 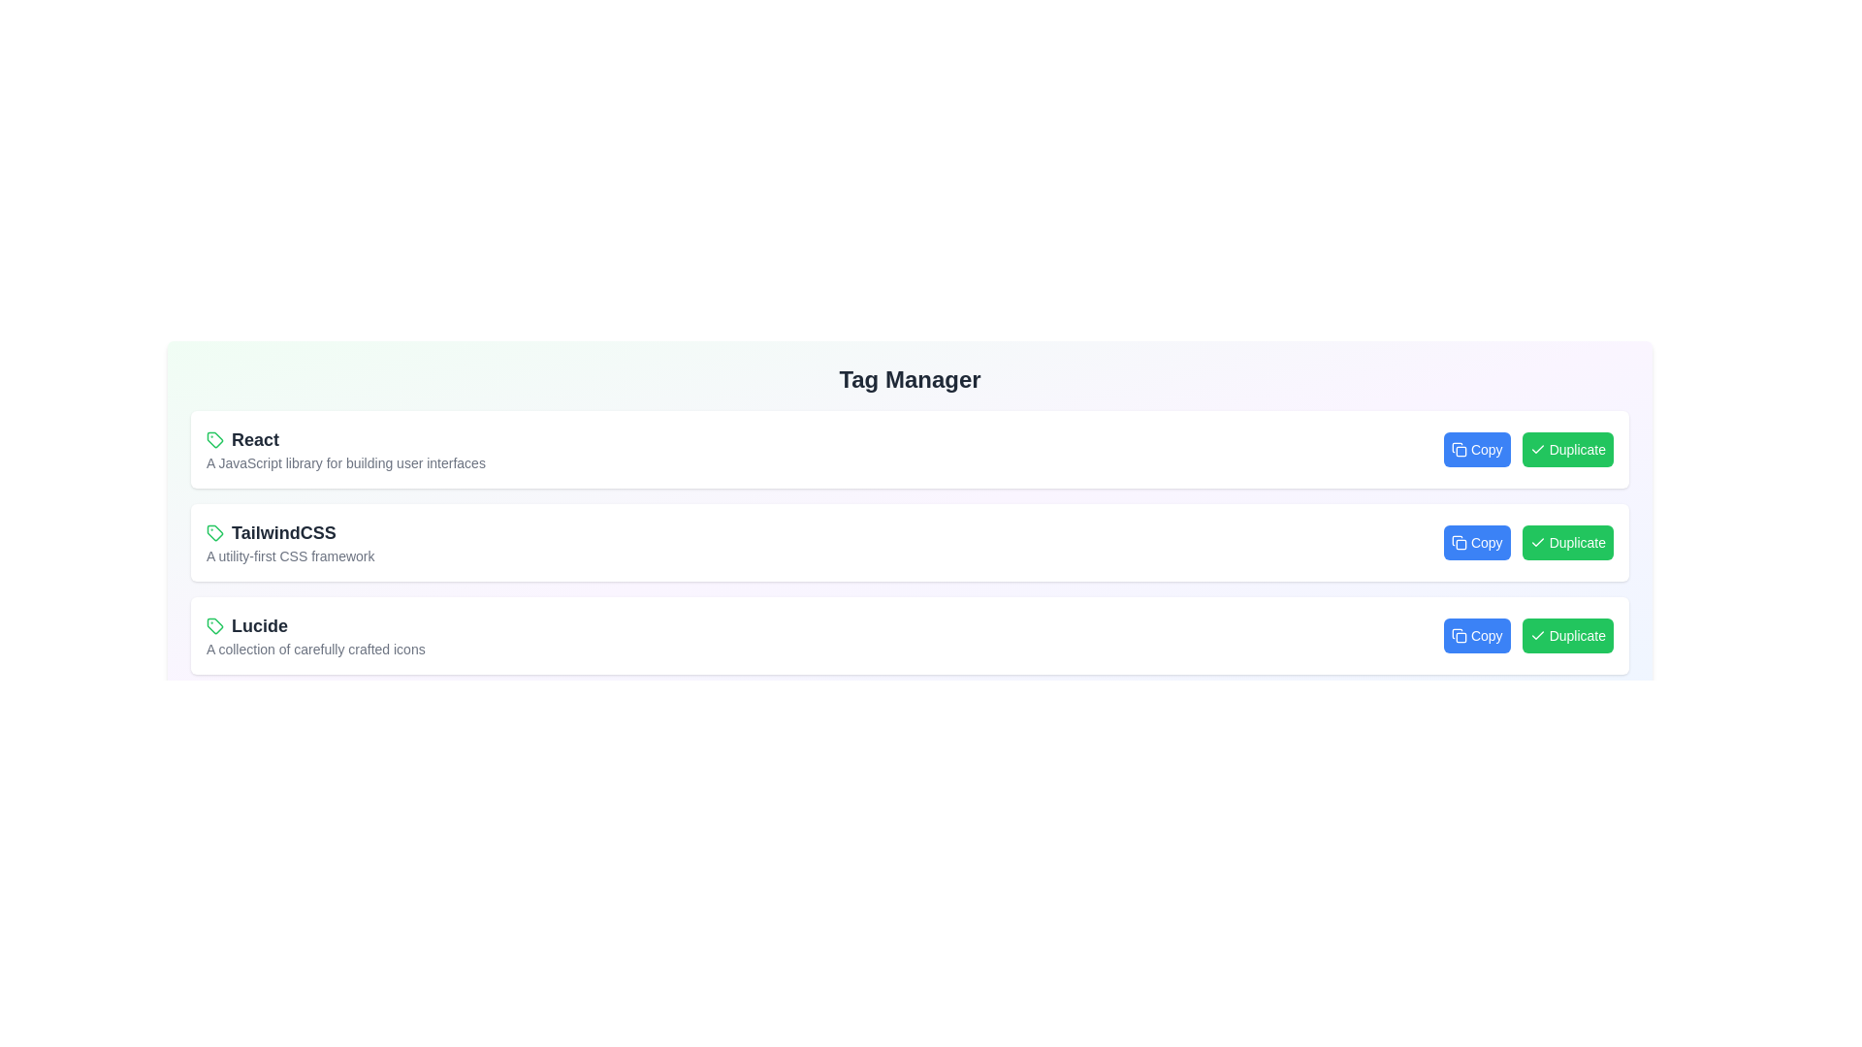 I want to click on the 'Copy' button associated with the tag TailwindCSS, so click(x=1476, y=542).